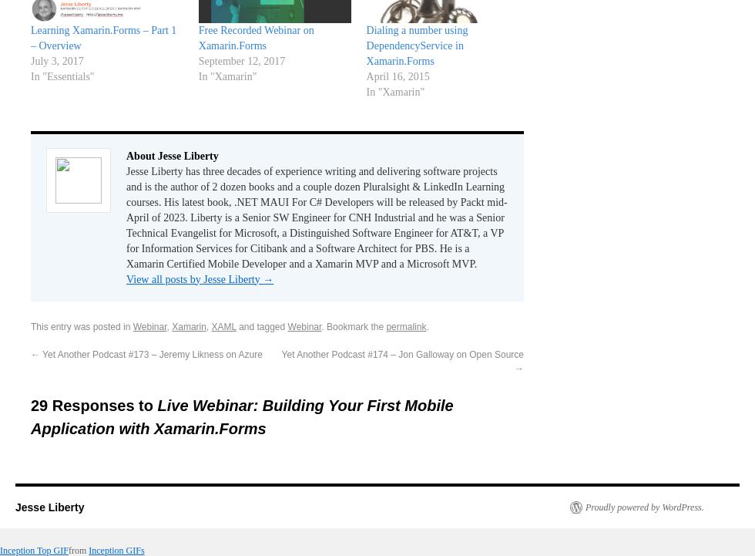 This screenshot has width=755, height=556. What do you see at coordinates (172, 154) in the screenshot?
I see `'About Jesse Liberty'` at bounding box center [172, 154].